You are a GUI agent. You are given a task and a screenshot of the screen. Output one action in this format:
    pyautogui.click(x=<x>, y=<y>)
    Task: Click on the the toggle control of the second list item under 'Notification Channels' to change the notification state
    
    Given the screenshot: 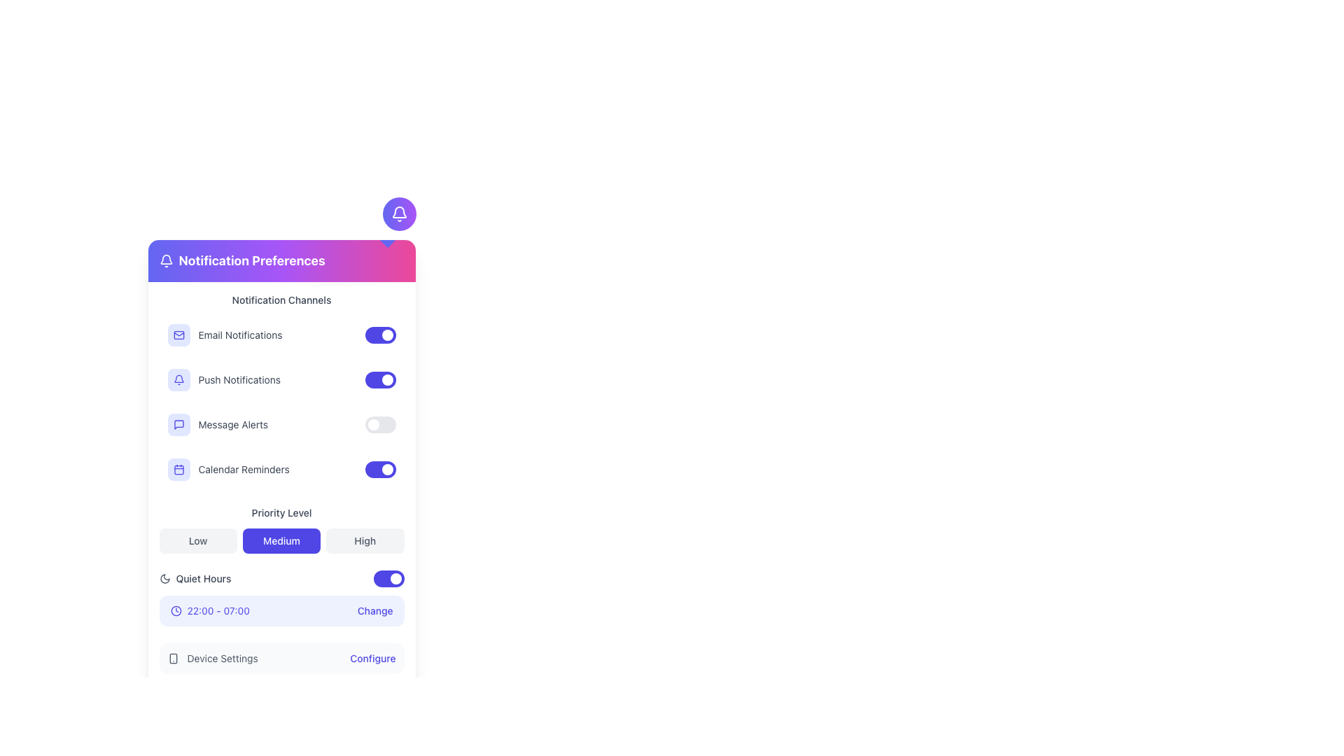 What is the action you would take?
    pyautogui.click(x=281, y=402)
    